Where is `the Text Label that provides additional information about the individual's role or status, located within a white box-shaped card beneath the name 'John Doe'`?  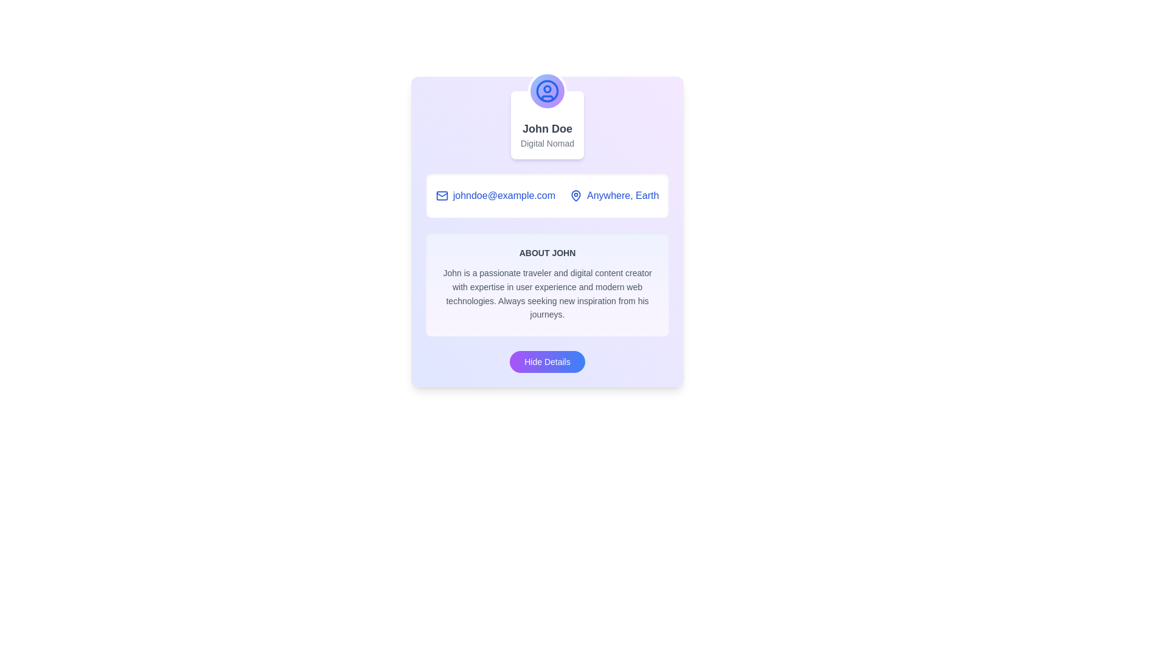
the Text Label that provides additional information about the individual's role or status, located within a white box-shaped card beneath the name 'John Doe' is located at coordinates (547, 142).